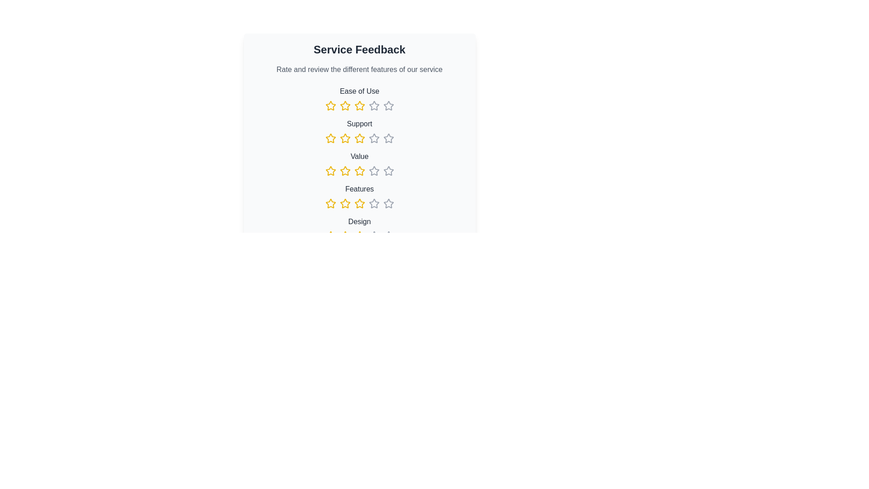 The width and height of the screenshot is (869, 489). I want to click on the Text label that indicates the rating section for features evaluation, located in the fourth section of the rating feedback form, below 'Ease of Use,' 'Support,' and 'Value' ratings, and above the 'Design' rating section, so click(359, 188).